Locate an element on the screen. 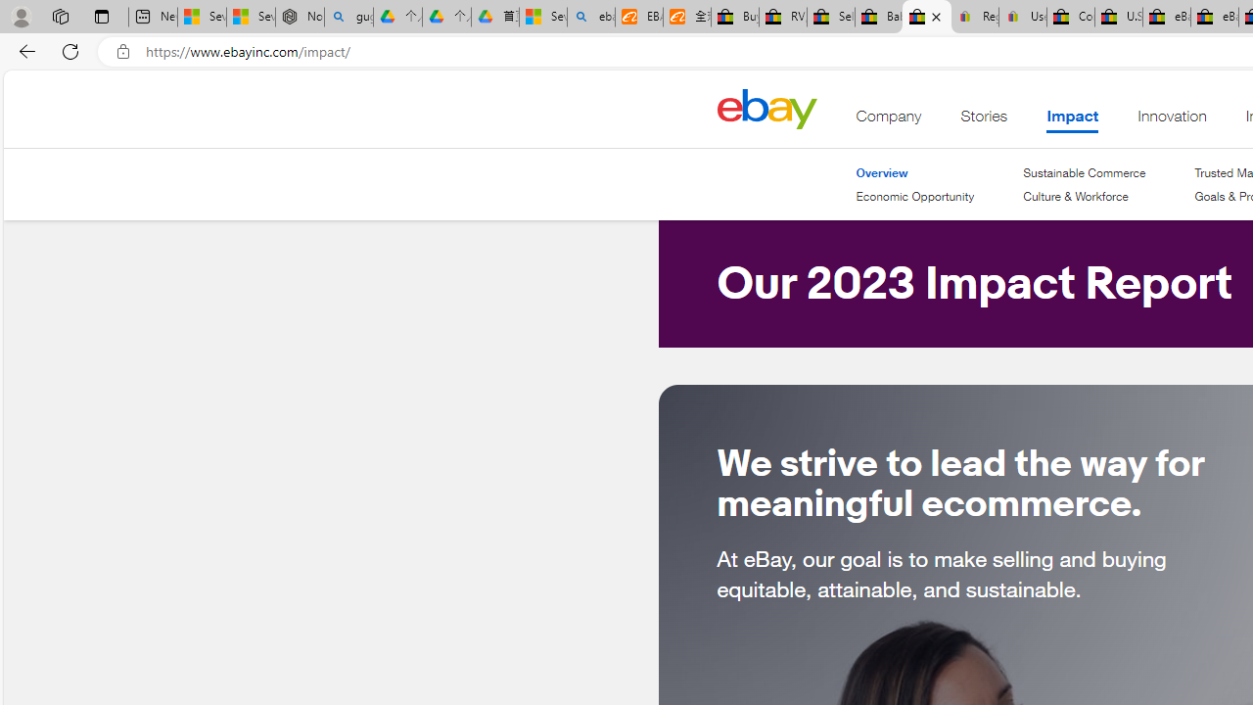  'Sustainable Commerce' is located at coordinates (1083, 172).